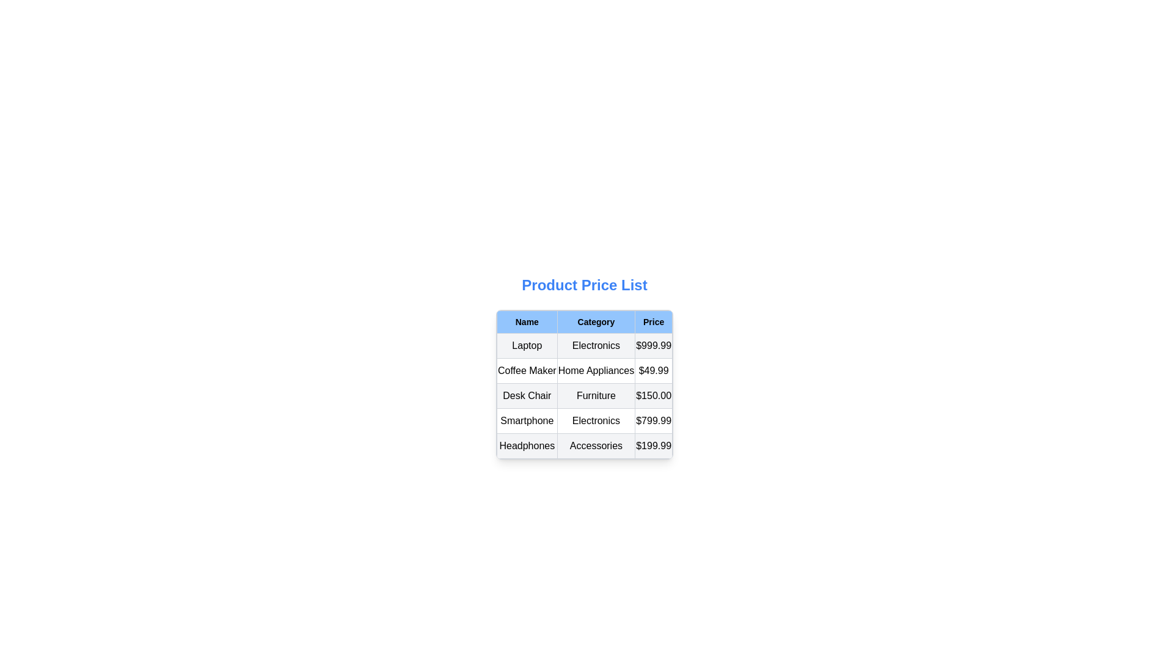 The height and width of the screenshot is (660, 1173). What do you see at coordinates (653, 321) in the screenshot?
I see `the 'Price' column header cell, which is the third cell in the first row of the table layout, located to the right of the 'Category' column` at bounding box center [653, 321].